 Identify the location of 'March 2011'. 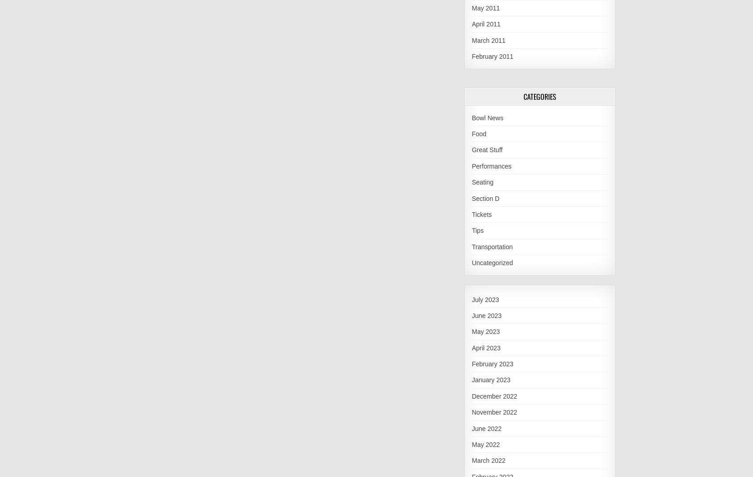
(471, 40).